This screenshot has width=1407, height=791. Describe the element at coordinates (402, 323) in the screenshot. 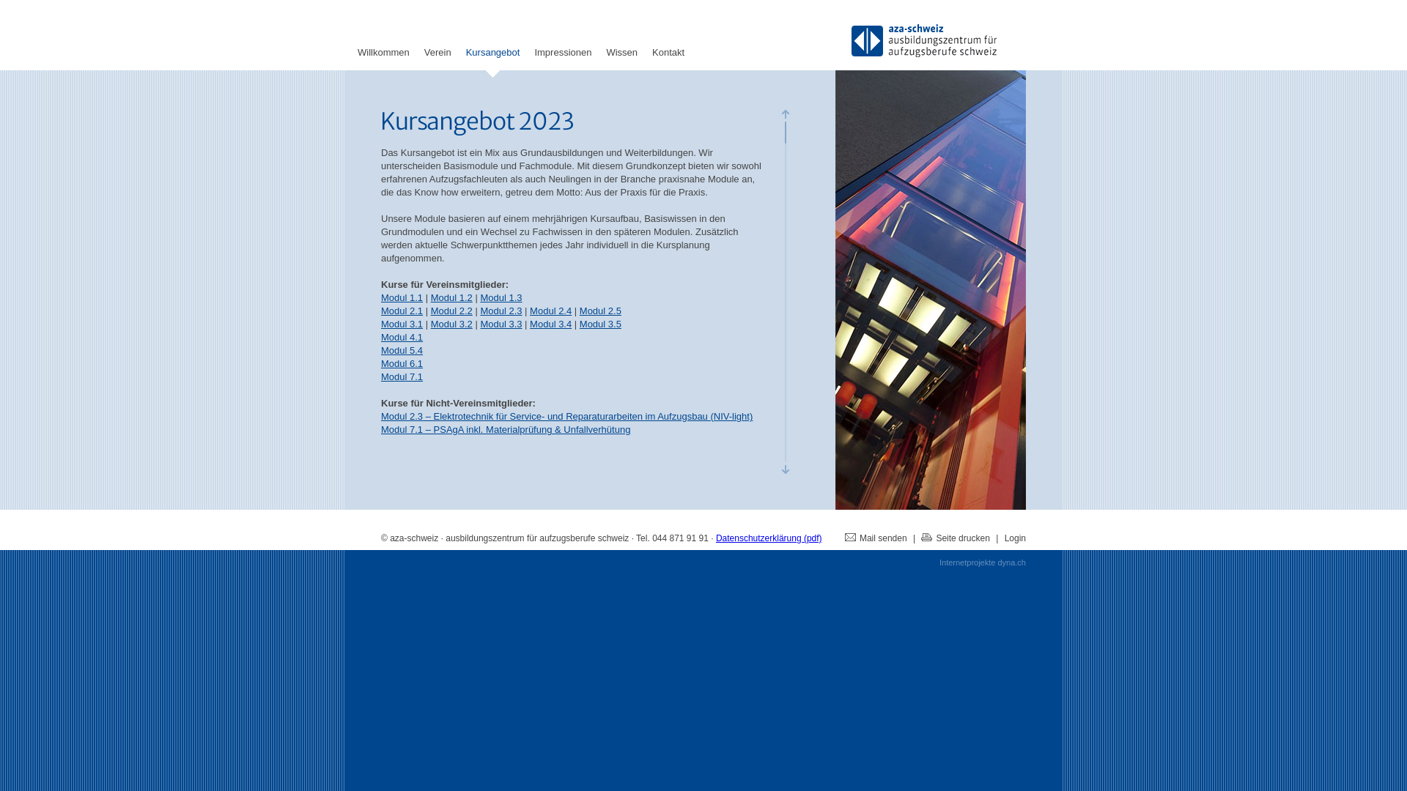

I see `'Modul 3.1'` at that location.